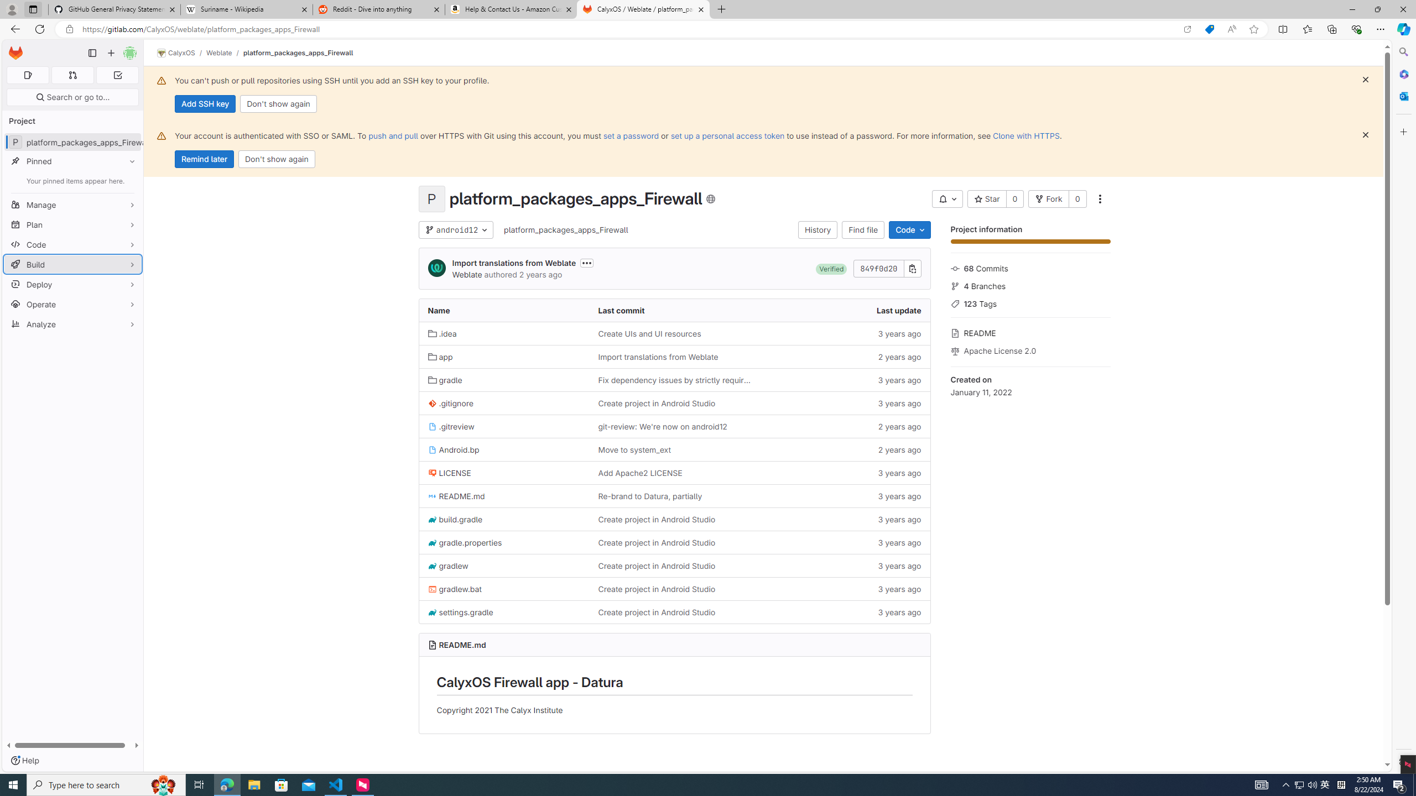 This screenshot has height=796, width=1416. What do you see at coordinates (1030, 349) in the screenshot?
I see `'Apache License 2.0'` at bounding box center [1030, 349].